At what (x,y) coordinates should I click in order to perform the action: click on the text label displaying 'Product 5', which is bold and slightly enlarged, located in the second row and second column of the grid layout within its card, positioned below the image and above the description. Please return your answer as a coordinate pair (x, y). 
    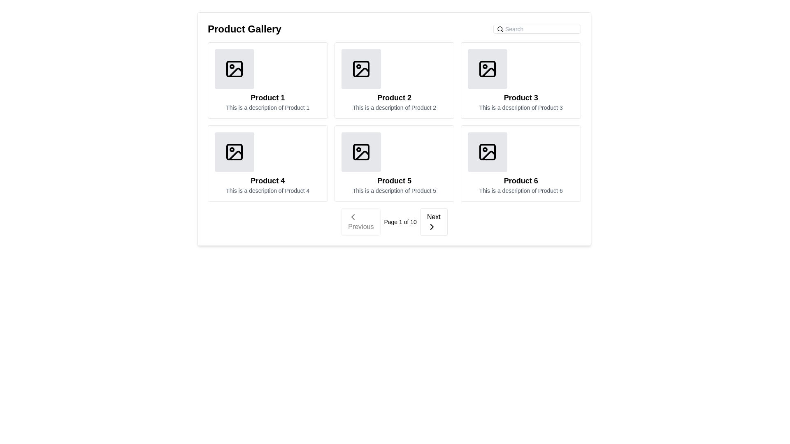
    Looking at the image, I should click on (394, 180).